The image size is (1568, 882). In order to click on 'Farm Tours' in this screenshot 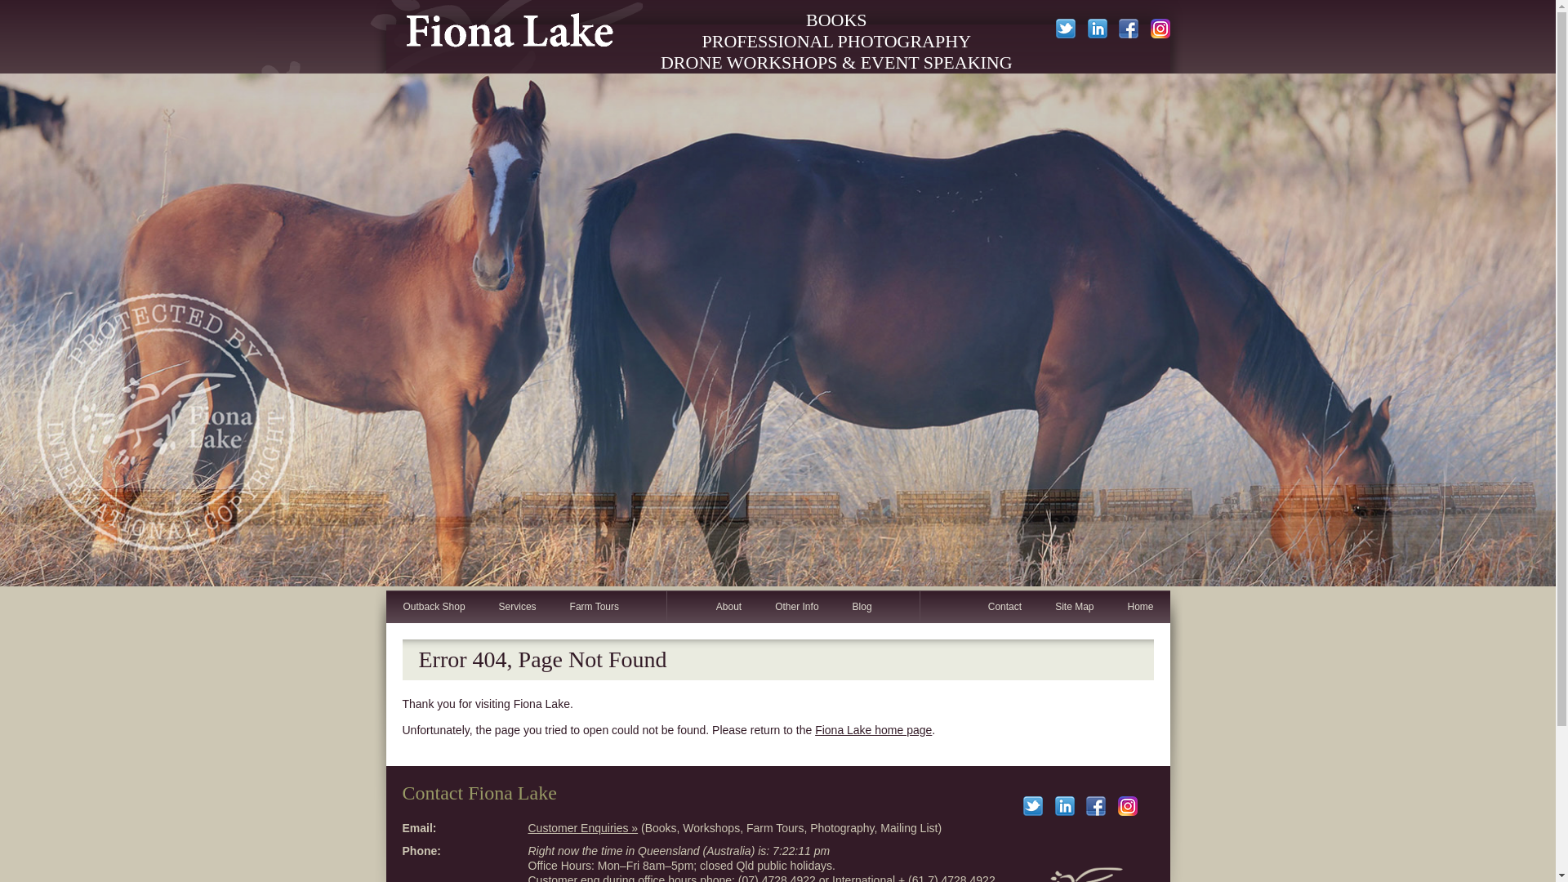, I will do `click(593, 607)`.